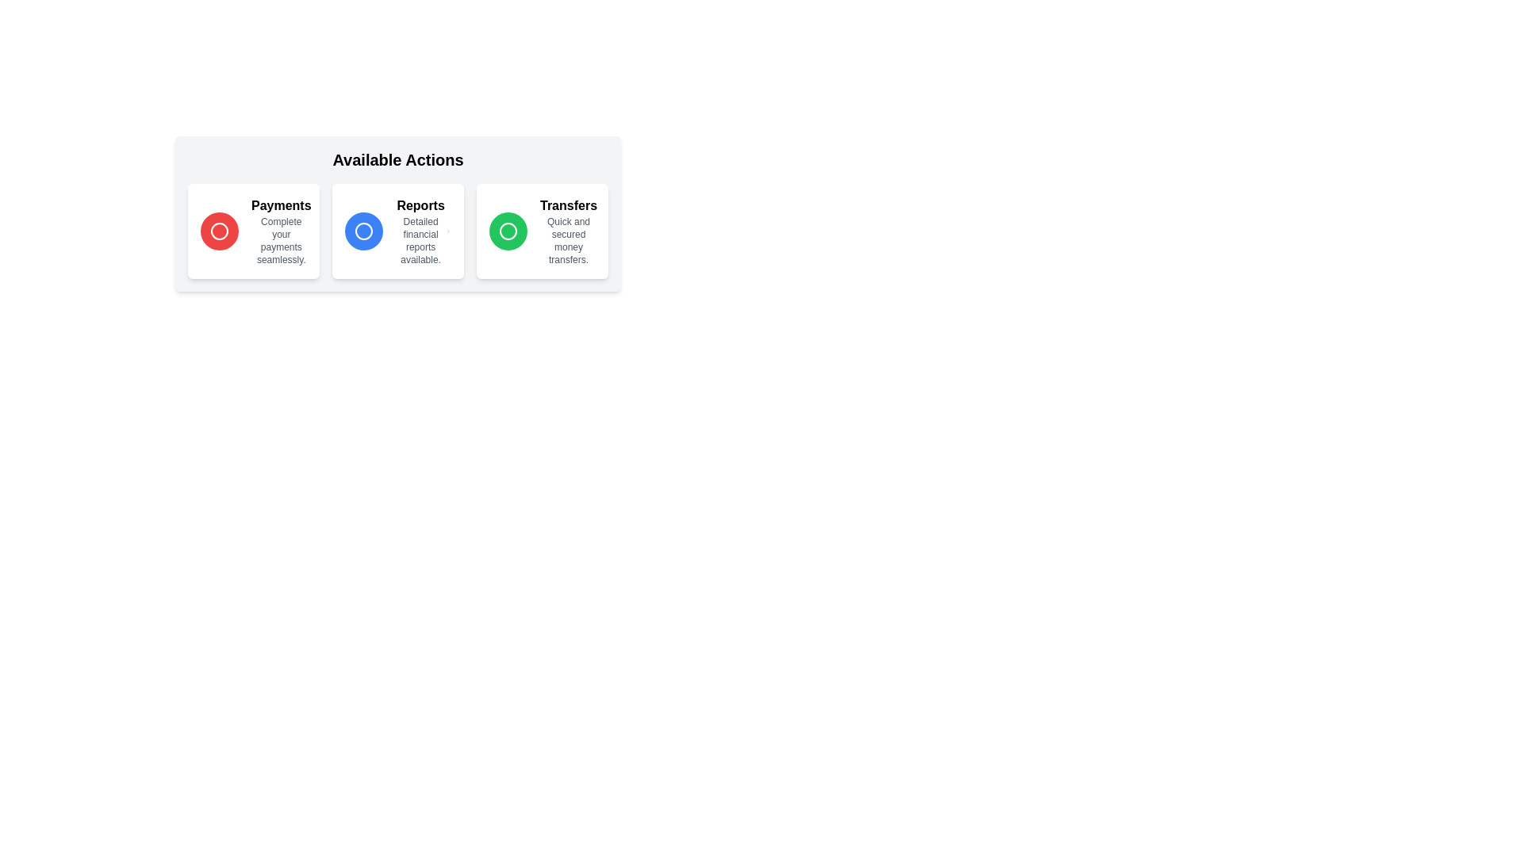  What do you see at coordinates (568, 231) in the screenshot?
I see `the descriptive text label for the feature or action related to transfers, located in the rightmost card of three under the title 'Available Actions'` at bounding box center [568, 231].